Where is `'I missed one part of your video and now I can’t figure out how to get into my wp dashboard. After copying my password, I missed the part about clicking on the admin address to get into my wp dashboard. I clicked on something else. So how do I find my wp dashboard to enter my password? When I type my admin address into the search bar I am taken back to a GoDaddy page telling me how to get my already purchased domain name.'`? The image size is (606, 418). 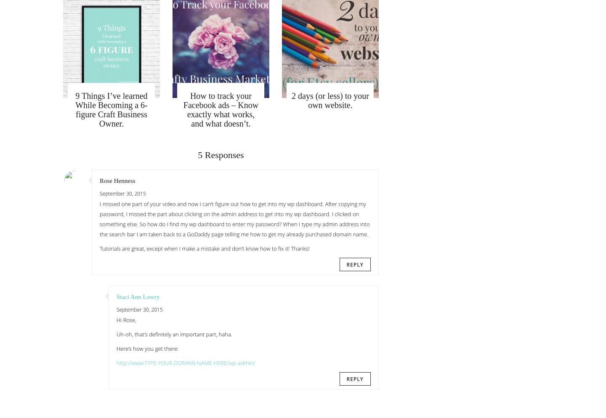 'I missed one part of your video and now I can’t figure out how to get into my wp dashboard. After copying my password, I missed the part about clicking on the admin address to get into my wp dashboard. I clicked on something else. So how do I find my wp dashboard to enter my password? When I type my admin address into the search bar I am taken back to a GoDaddy page telling me how to get my already purchased domain name.' is located at coordinates (234, 219).